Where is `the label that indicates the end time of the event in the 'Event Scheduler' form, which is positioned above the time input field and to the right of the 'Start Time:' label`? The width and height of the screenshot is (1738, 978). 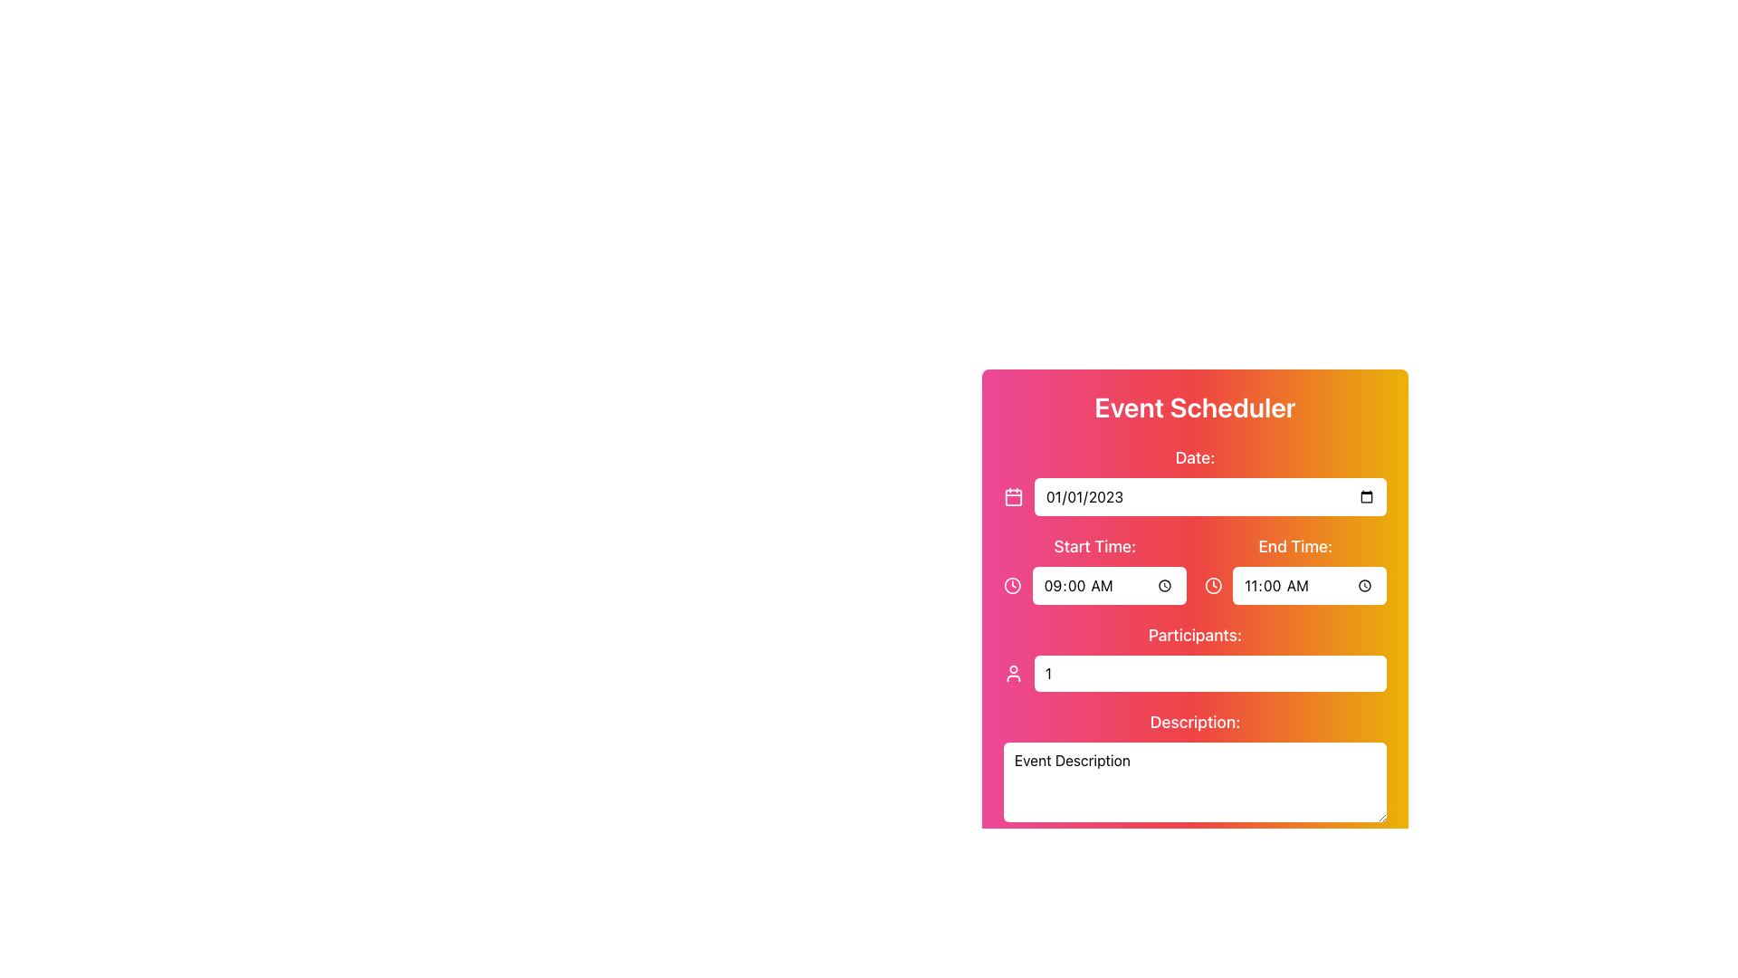
the label that indicates the end time of the event in the 'Event Scheduler' form, which is positioned above the time input field and to the right of the 'Start Time:' label is located at coordinates (1294, 546).